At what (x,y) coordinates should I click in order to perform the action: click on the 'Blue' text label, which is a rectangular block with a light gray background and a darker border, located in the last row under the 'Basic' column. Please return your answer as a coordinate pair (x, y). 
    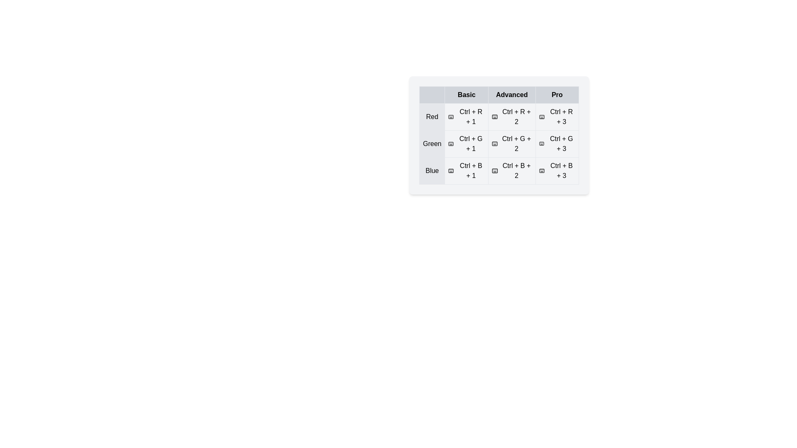
    Looking at the image, I should click on (432, 170).